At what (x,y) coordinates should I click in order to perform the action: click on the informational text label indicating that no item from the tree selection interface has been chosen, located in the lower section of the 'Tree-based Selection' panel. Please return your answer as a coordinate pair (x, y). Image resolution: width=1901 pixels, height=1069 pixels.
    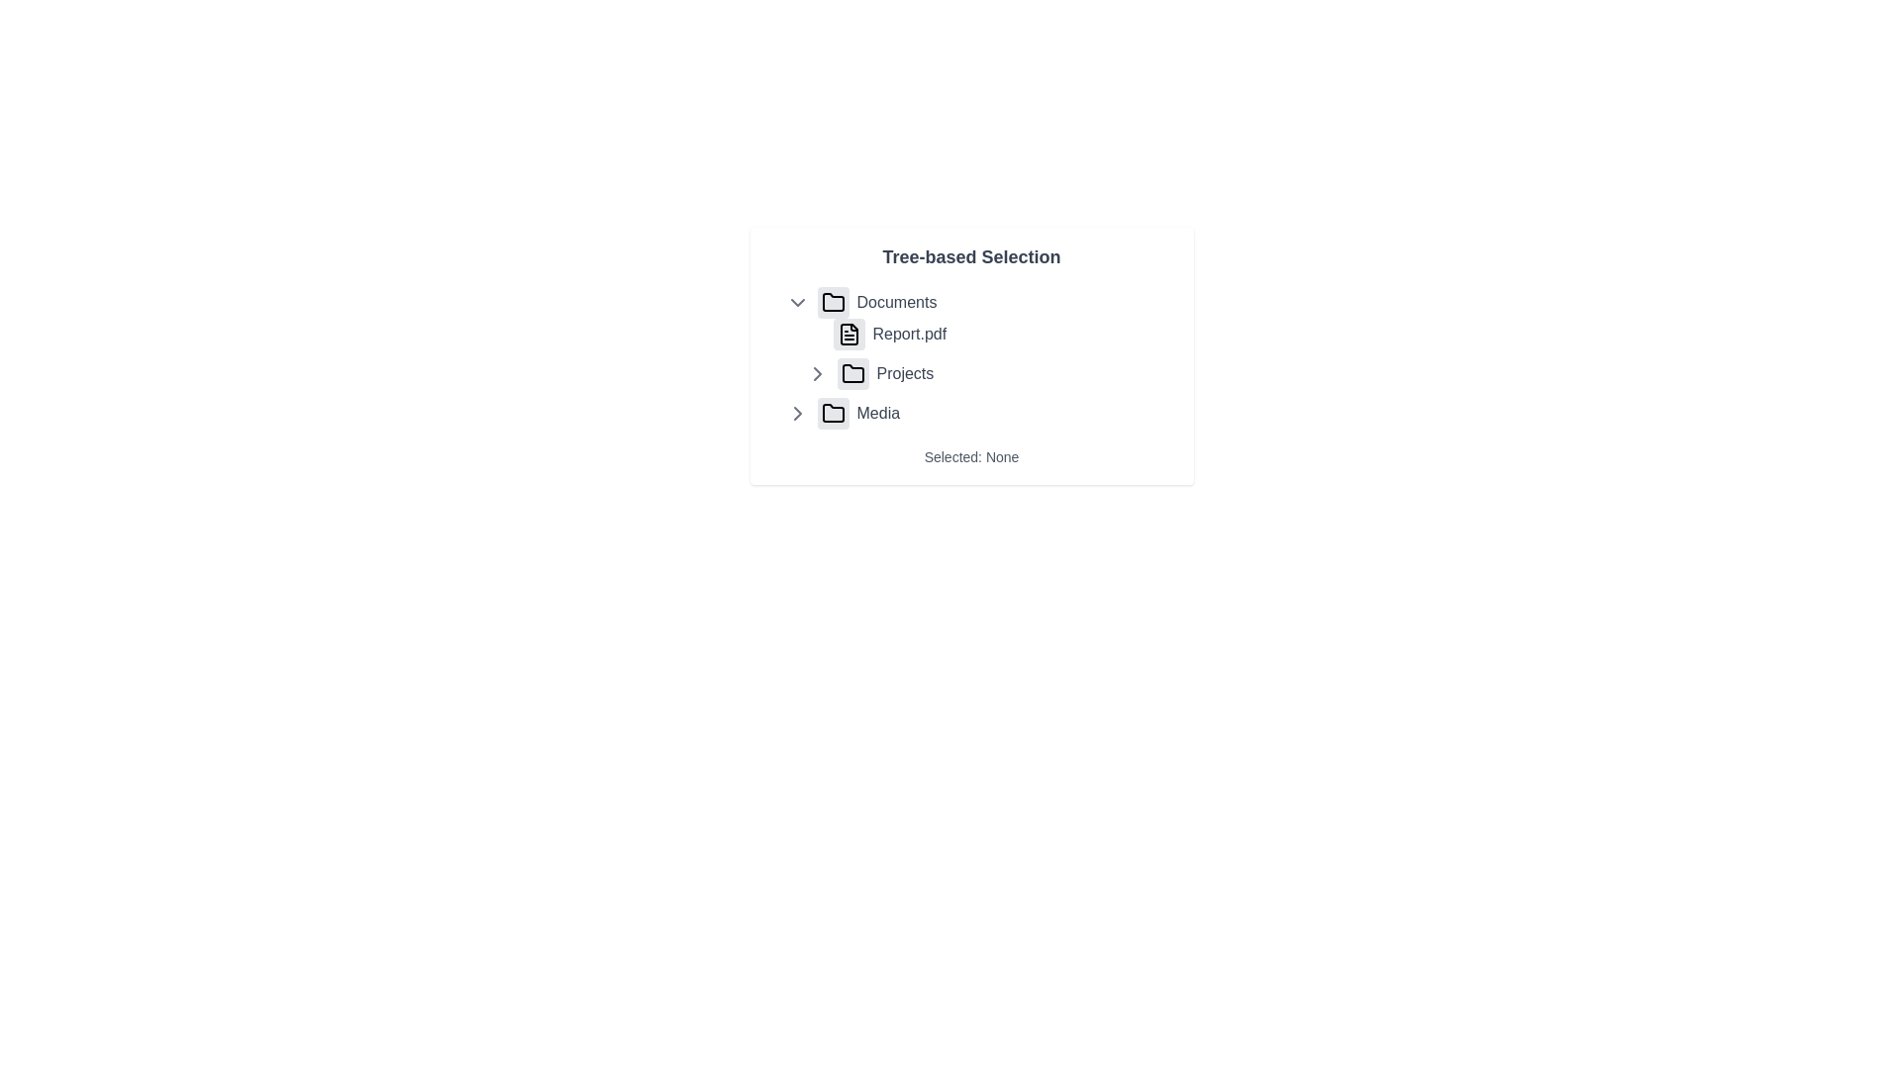
    Looking at the image, I should click on (971, 457).